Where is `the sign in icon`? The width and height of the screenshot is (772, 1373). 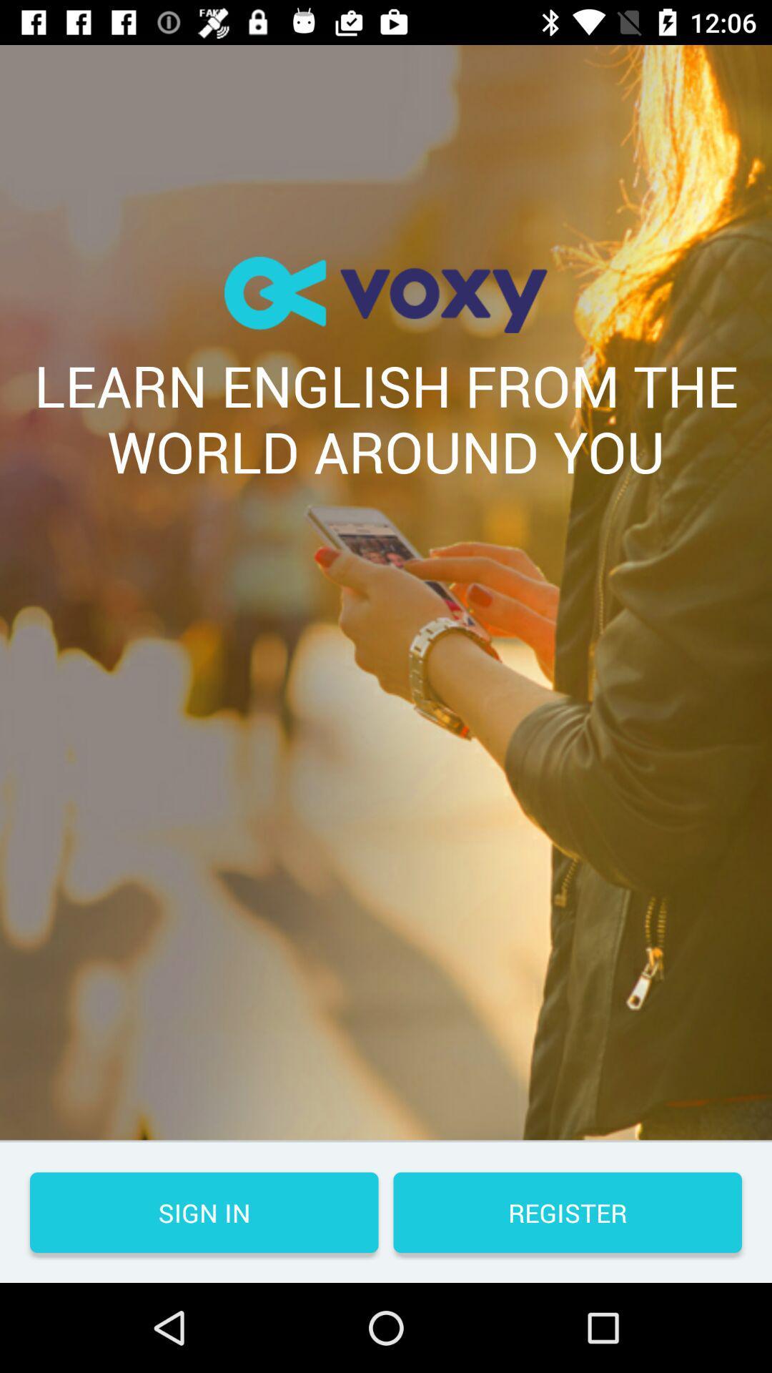
the sign in icon is located at coordinates (204, 1211).